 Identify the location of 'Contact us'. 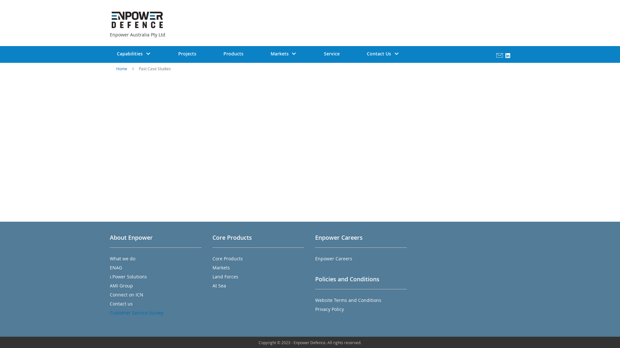
(110, 304).